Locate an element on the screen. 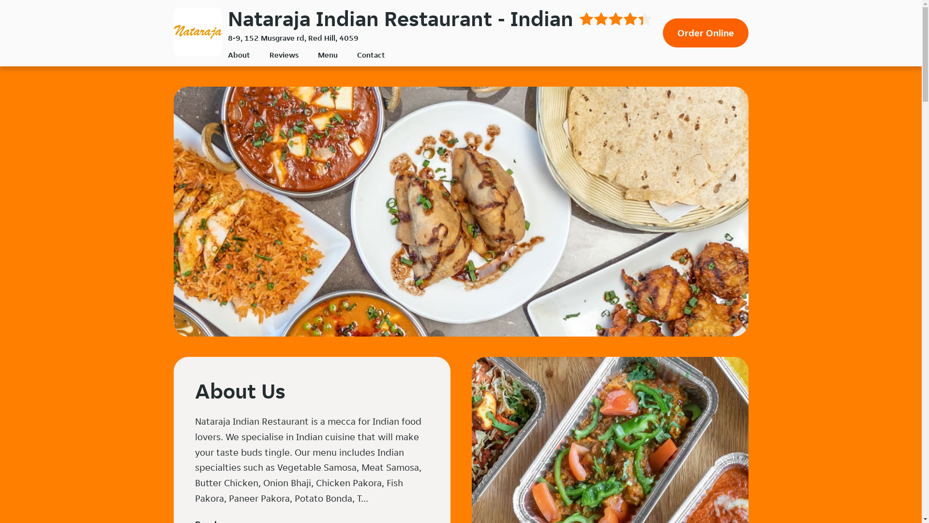 This screenshot has height=523, width=929. 'About' is located at coordinates (239, 55).